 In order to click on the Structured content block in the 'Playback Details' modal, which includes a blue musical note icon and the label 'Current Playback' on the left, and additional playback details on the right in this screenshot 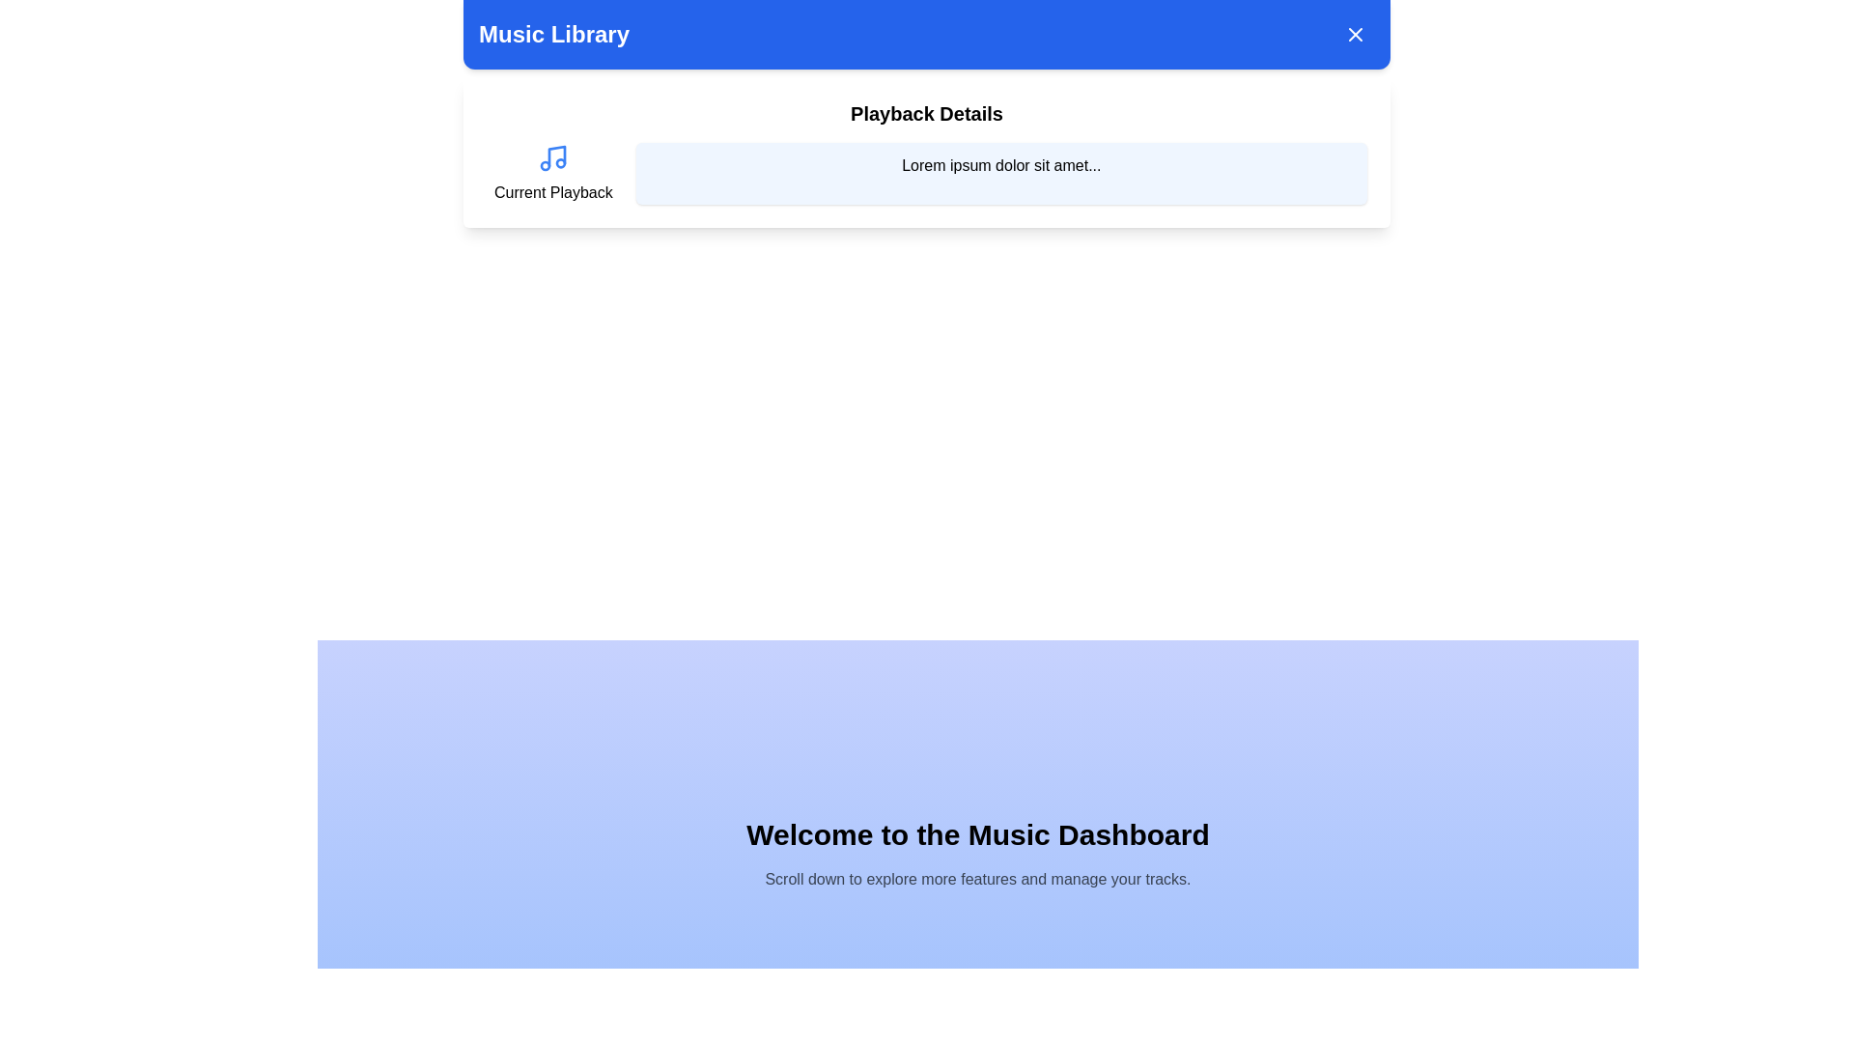, I will do `click(927, 174)`.